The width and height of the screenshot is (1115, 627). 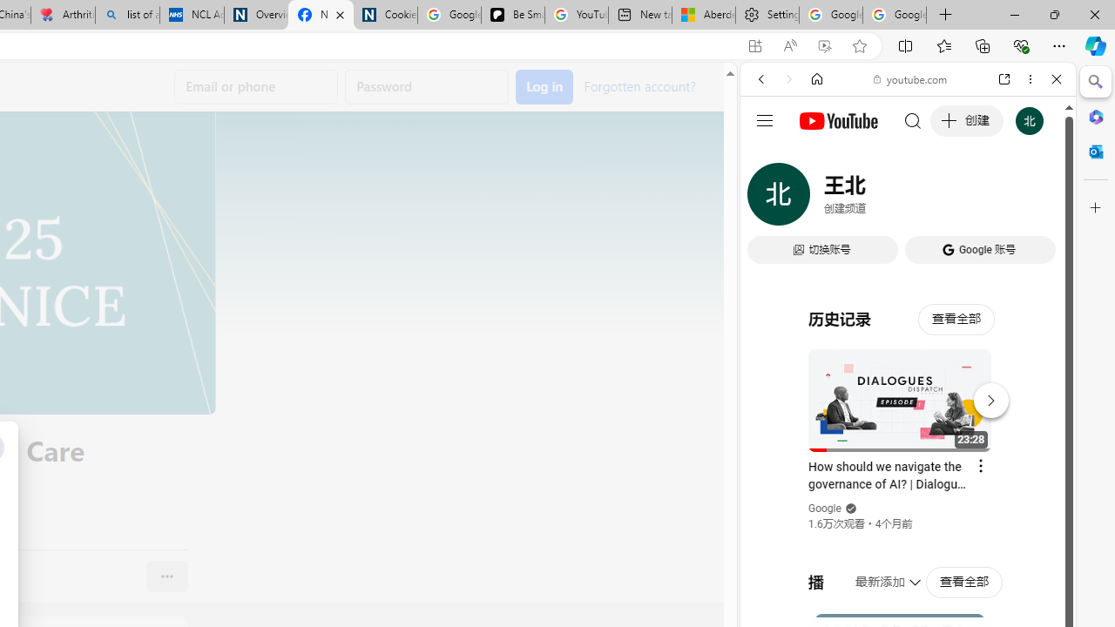 What do you see at coordinates (384, 15) in the screenshot?
I see `'Cookies'` at bounding box center [384, 15].